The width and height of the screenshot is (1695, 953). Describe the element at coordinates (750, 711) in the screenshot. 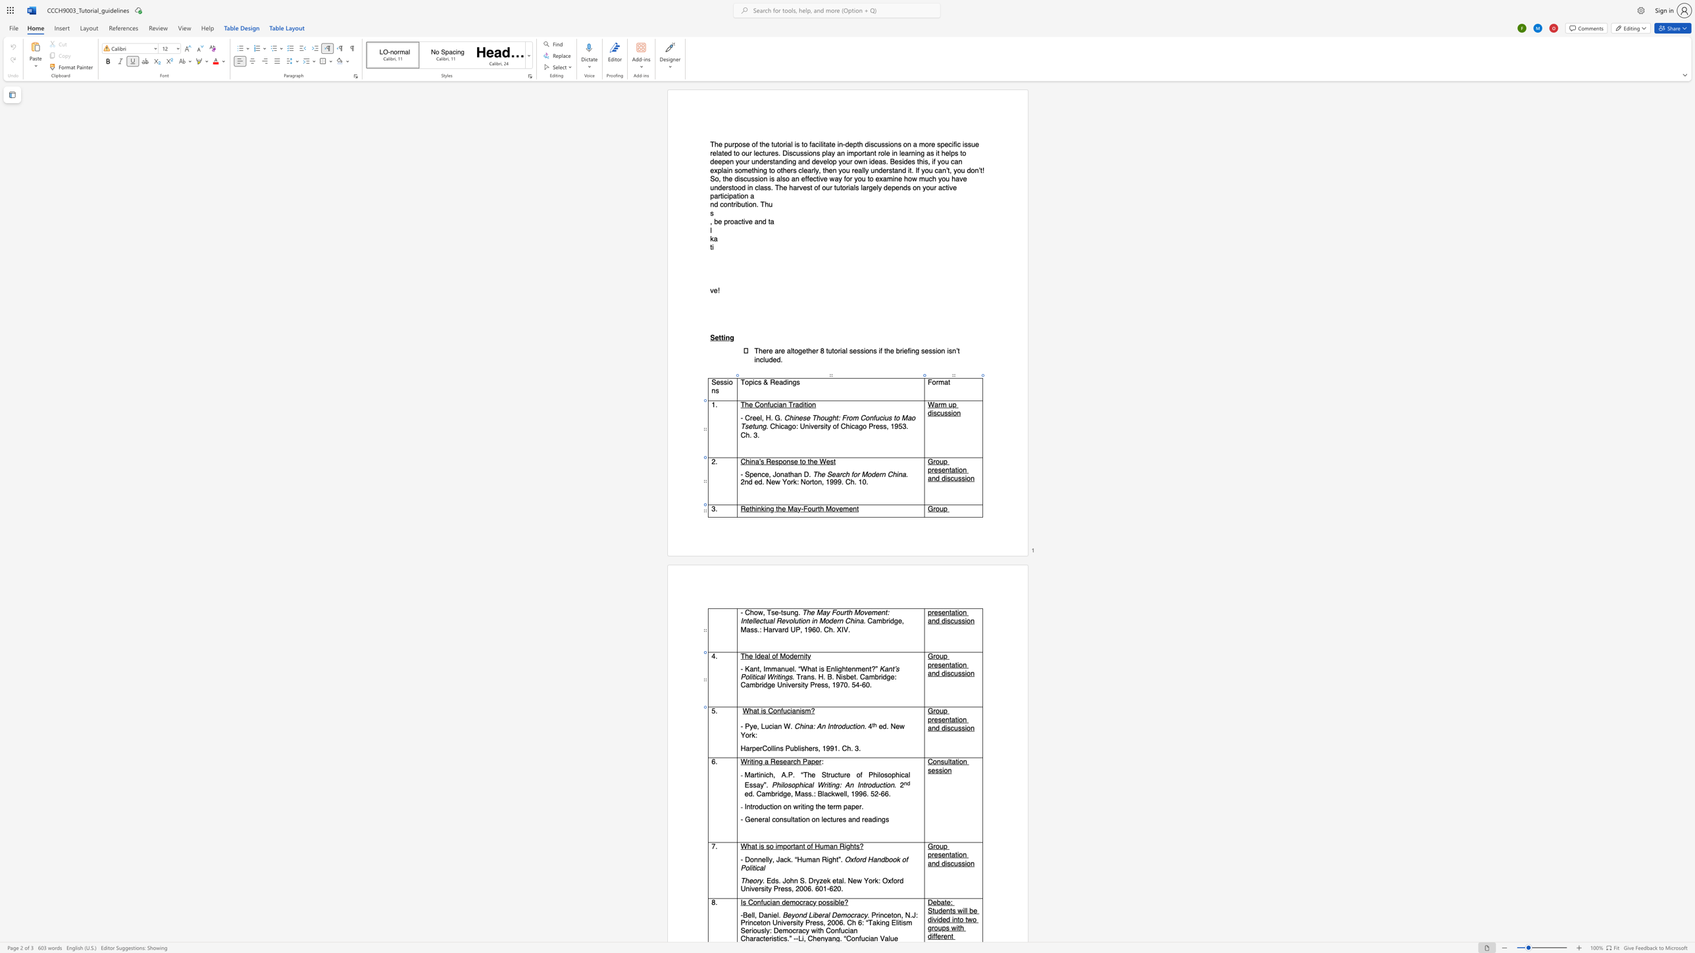

I see `the 1th character "h" in the text` at that location.